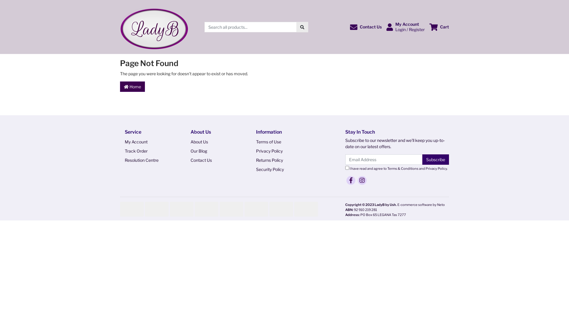 This screenshot has height=320, width=569. Describe the element at coordinates (279, 160) in the screenshot. I see `'Returns Policy'` at that location.